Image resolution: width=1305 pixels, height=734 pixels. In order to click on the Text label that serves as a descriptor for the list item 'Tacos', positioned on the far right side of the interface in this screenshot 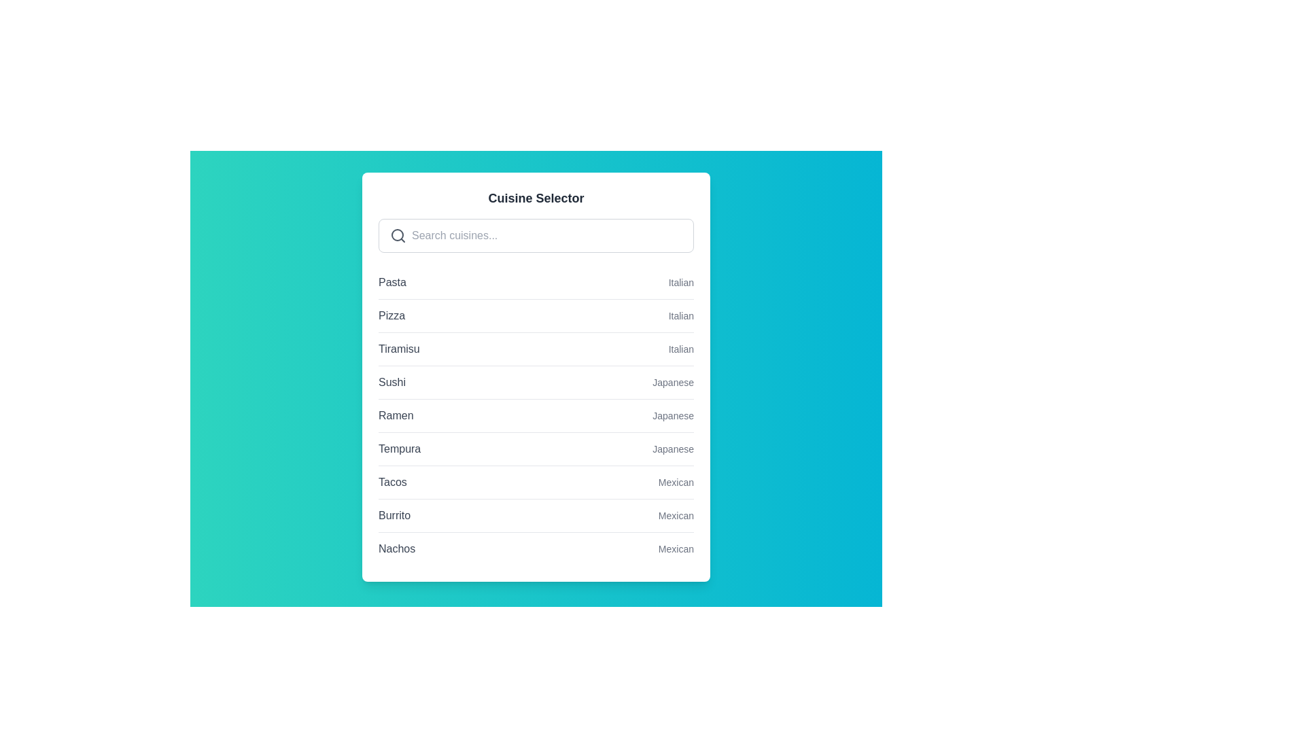, I will do `click(676, 481)`.